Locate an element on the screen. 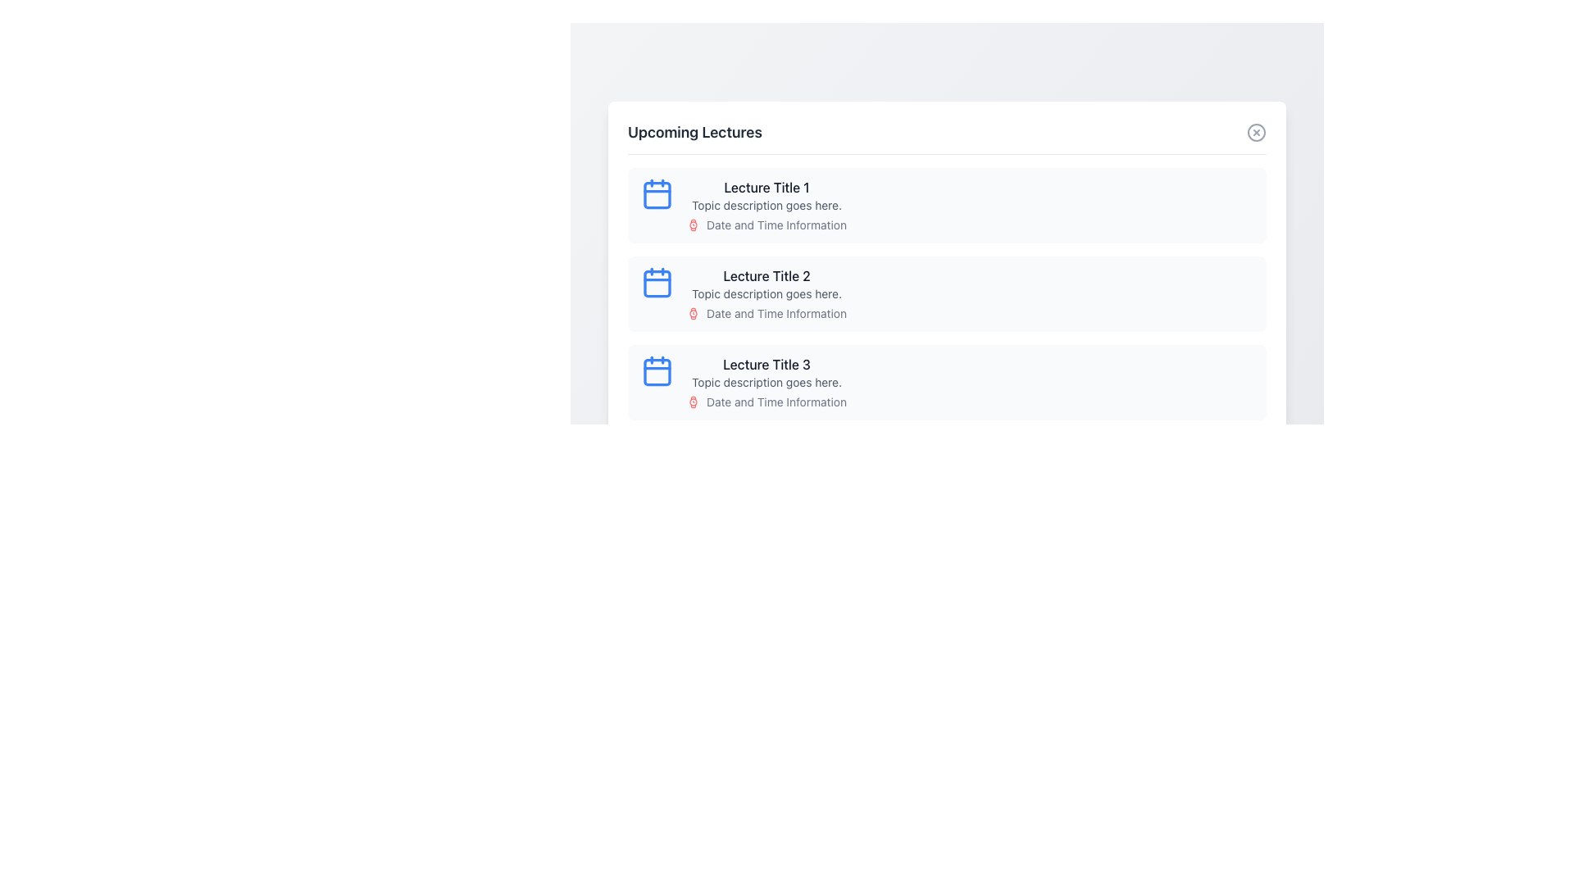 The height and width of the screenshot is (885, 1574). the decorative icon representing time-related context located before the text 'Date and Time Information' in the third entry under 'Upcoming Lectures' is located at coordinates (693, 402).